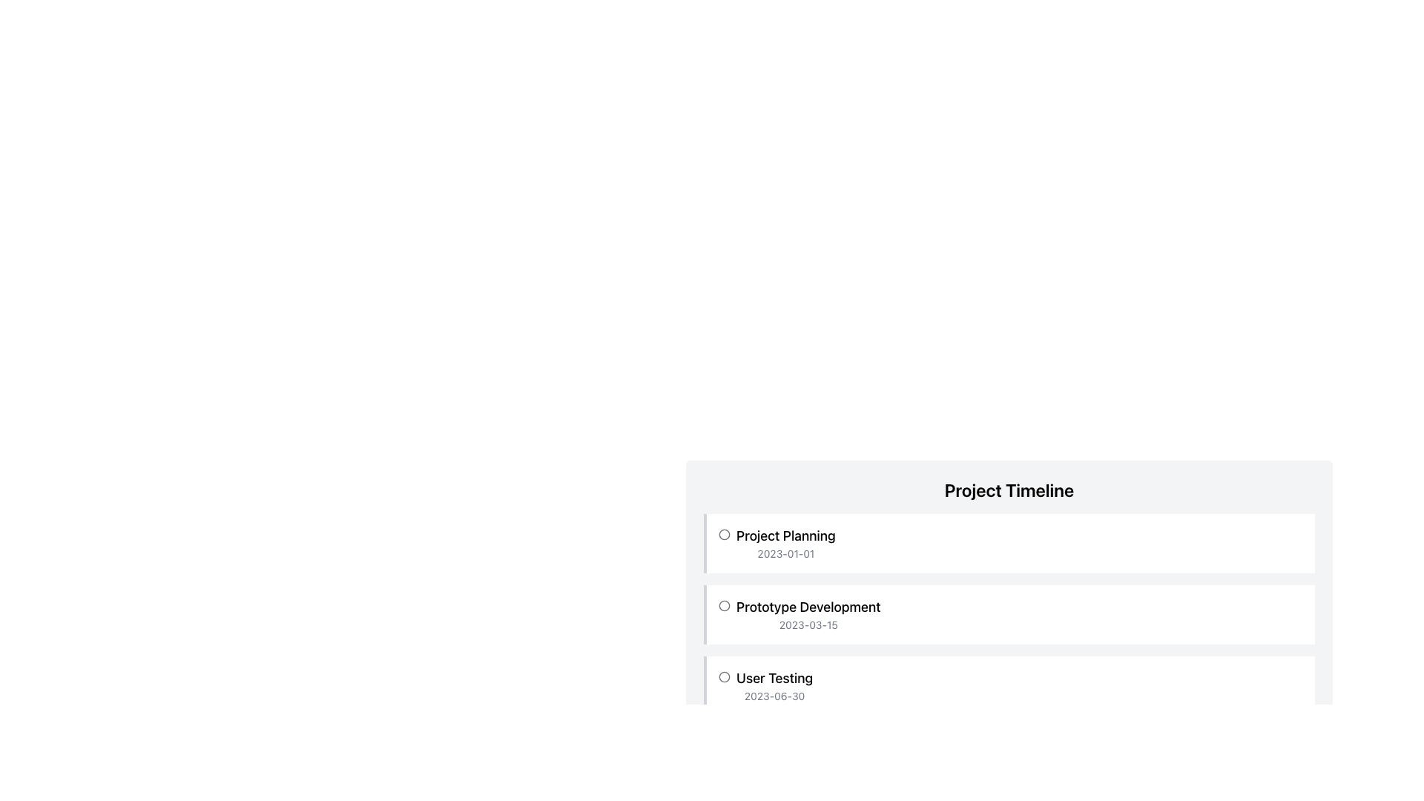  Describe the element at coordinates (725, 606) in the screenshot. I see `the inactive circular icon with a gray outline located to the left of the text 'Prototype Development' in the second row of the list` at that location.